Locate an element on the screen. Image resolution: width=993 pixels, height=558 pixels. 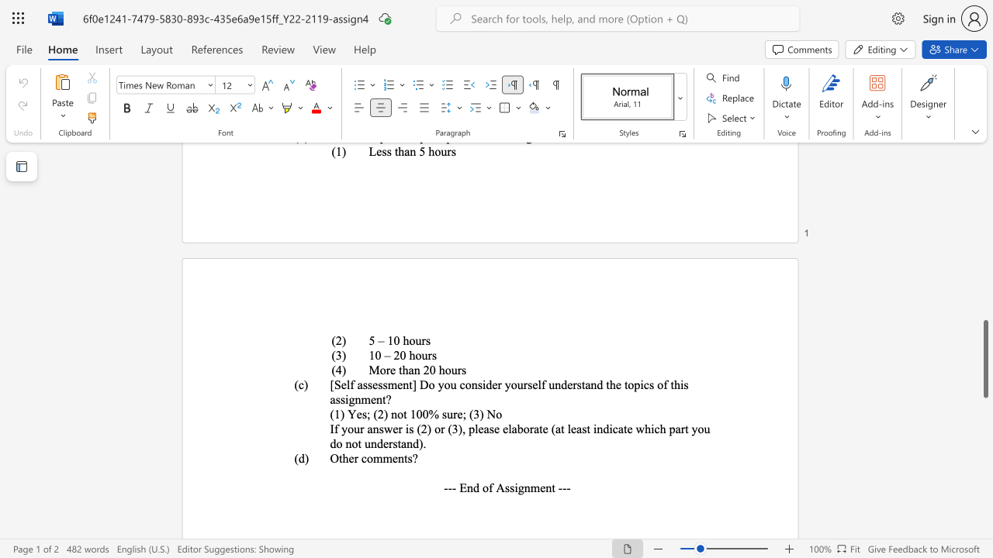
the subset text "nt" within the text "Other comments?" is located at coordinates (398, 457).